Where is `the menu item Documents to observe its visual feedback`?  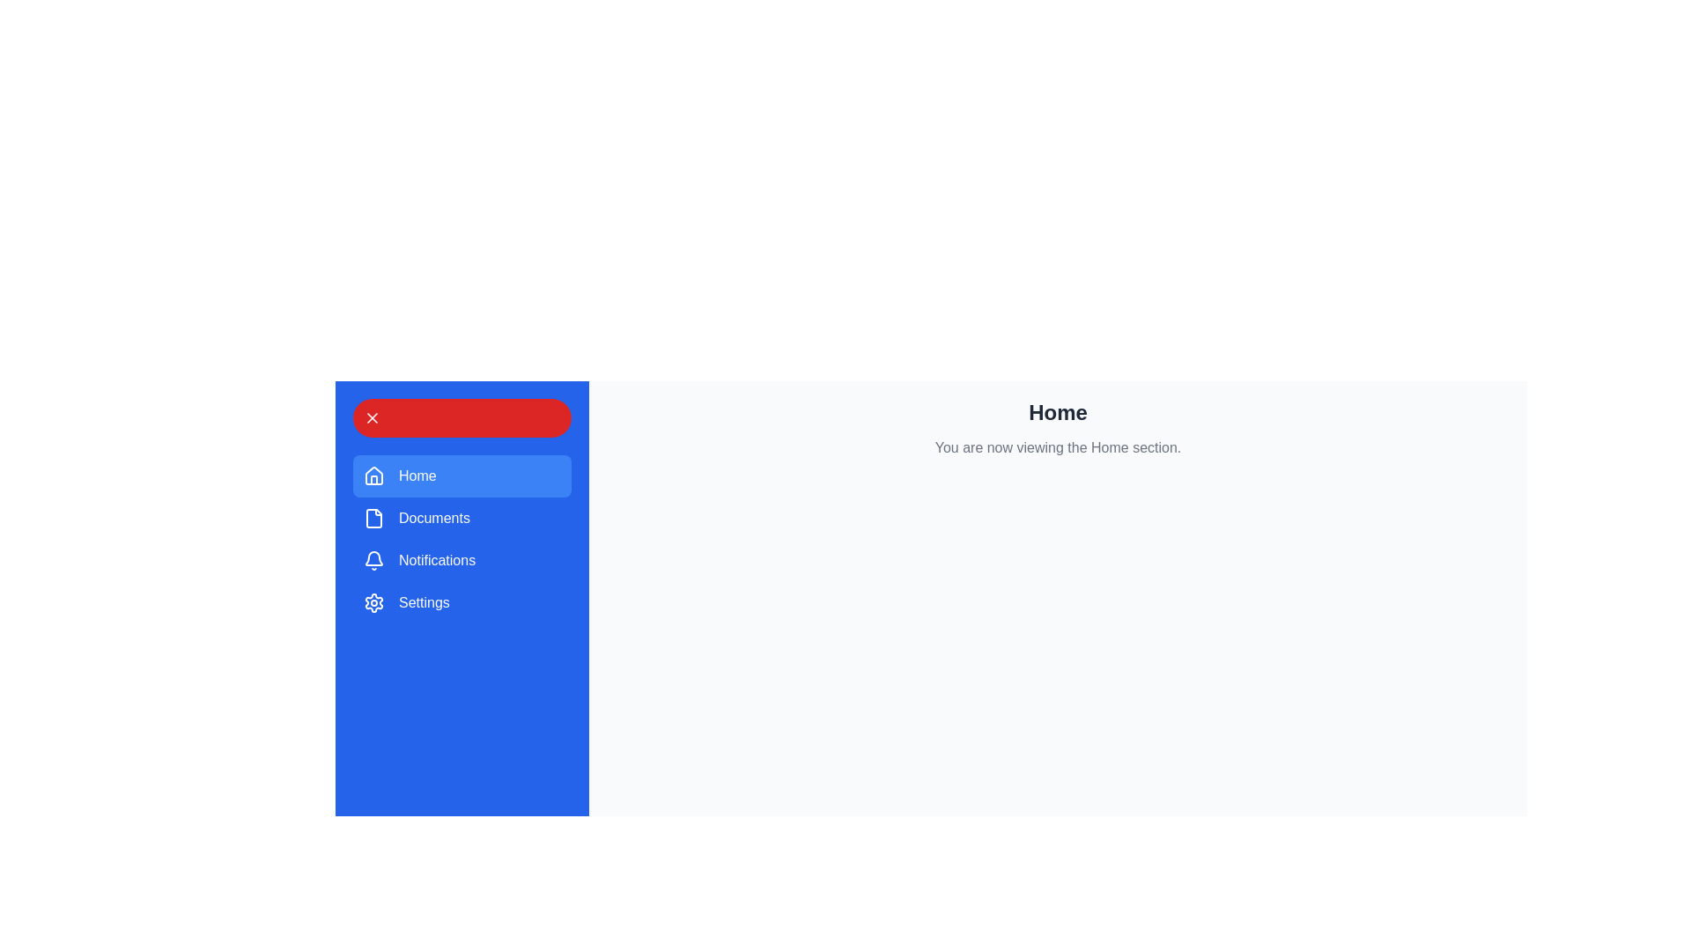 the menu item Documents to observe its visual feedback is located at coordinates (462, 518).